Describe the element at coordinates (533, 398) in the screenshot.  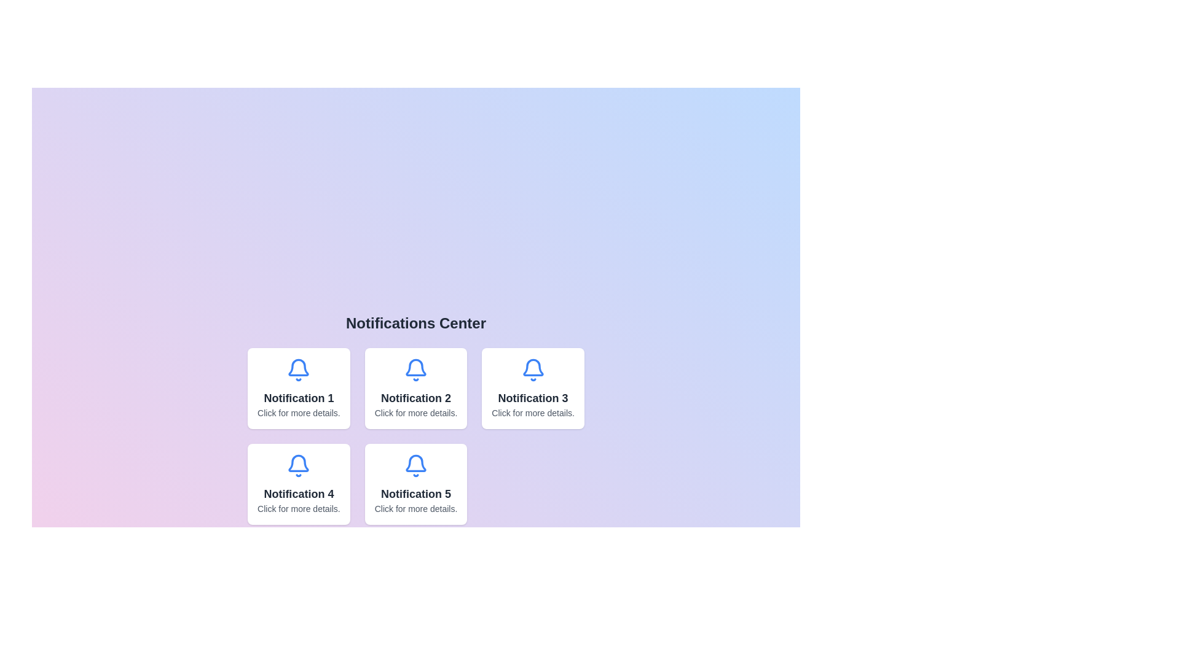
I see `text heading 'Notification 3' which is styled prominently in bold dark gray and centrally aligned above the descriptive text and below a blue bell icon` at that location.